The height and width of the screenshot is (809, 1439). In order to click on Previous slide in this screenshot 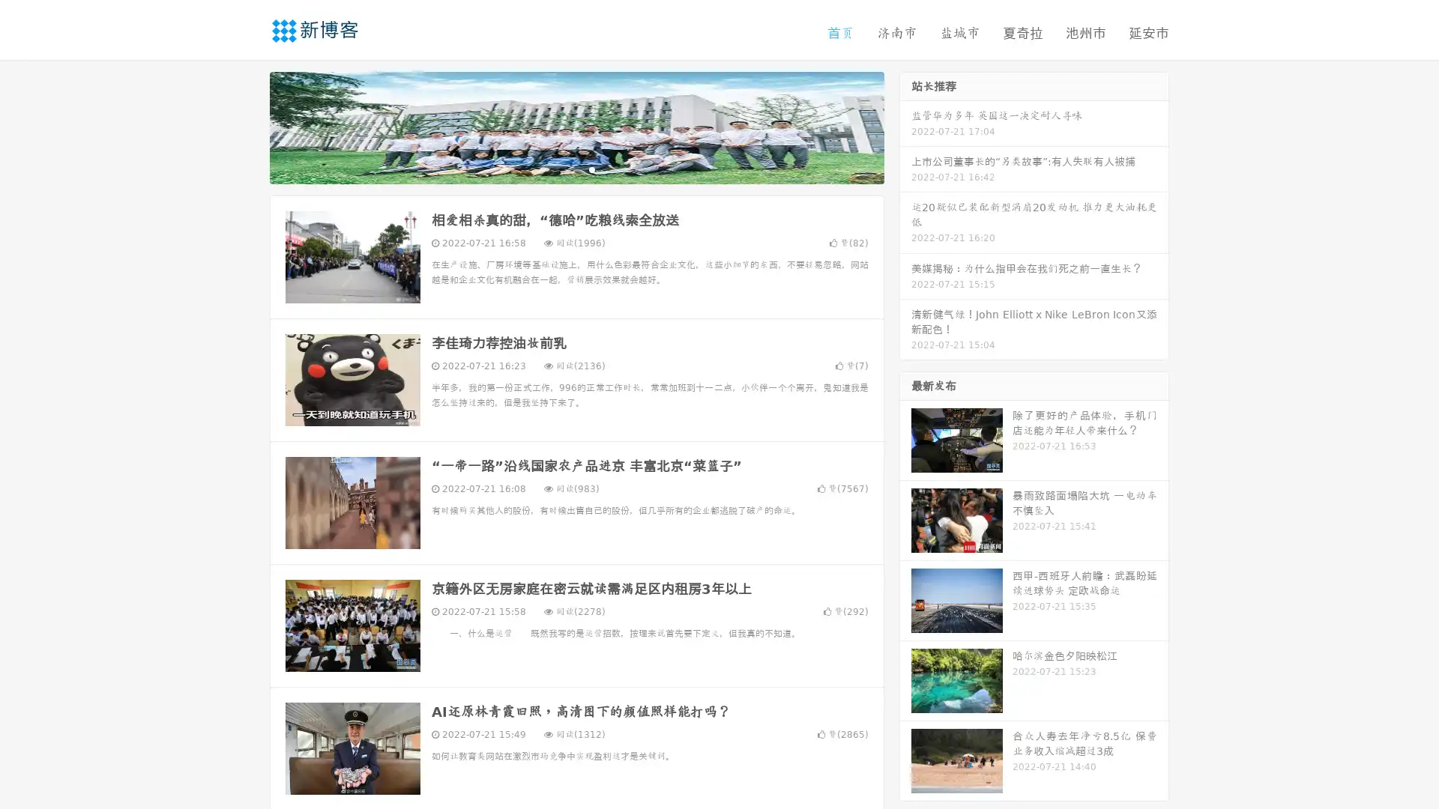, I will do `click(247, 126)`.